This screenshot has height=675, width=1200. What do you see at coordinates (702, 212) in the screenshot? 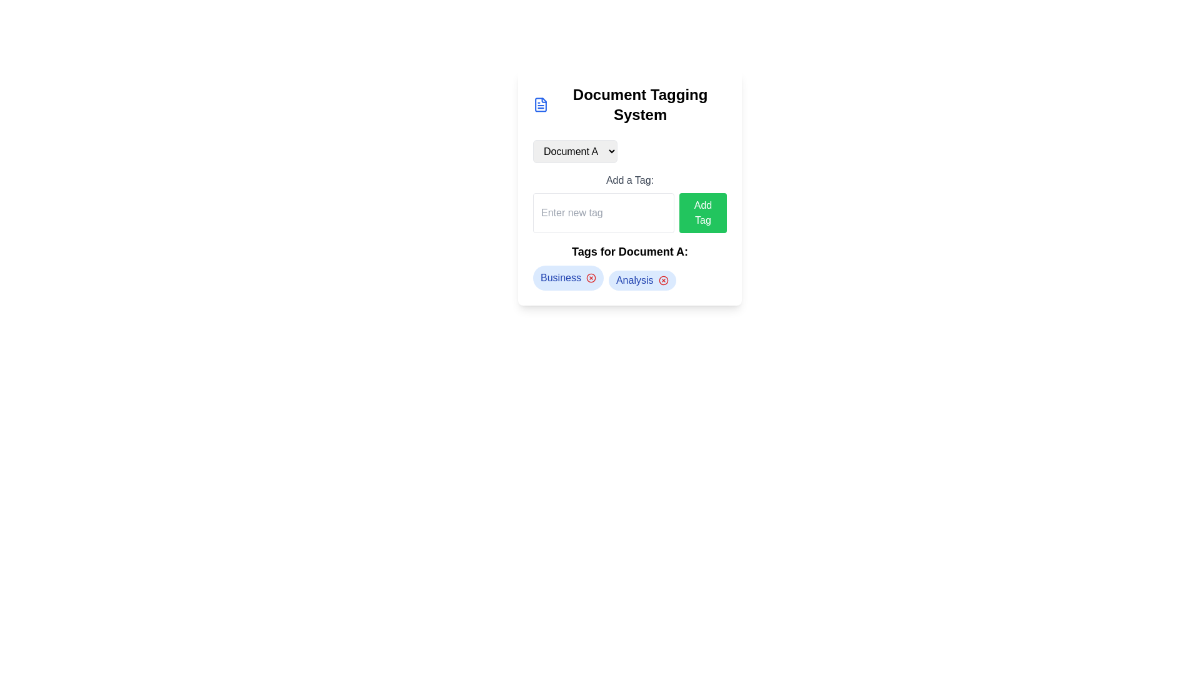
I see `the green 'Add Tag' button with rounded corners located to the right of the text input field under the title 'Add a Tag:'` at bounding box center [702, 212].